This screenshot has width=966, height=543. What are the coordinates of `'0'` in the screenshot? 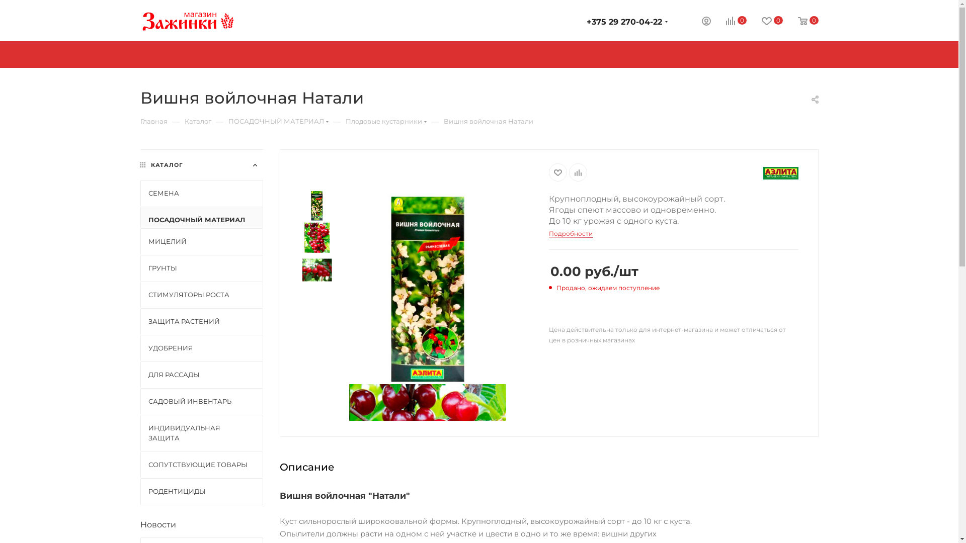 It's located at (765, 21).